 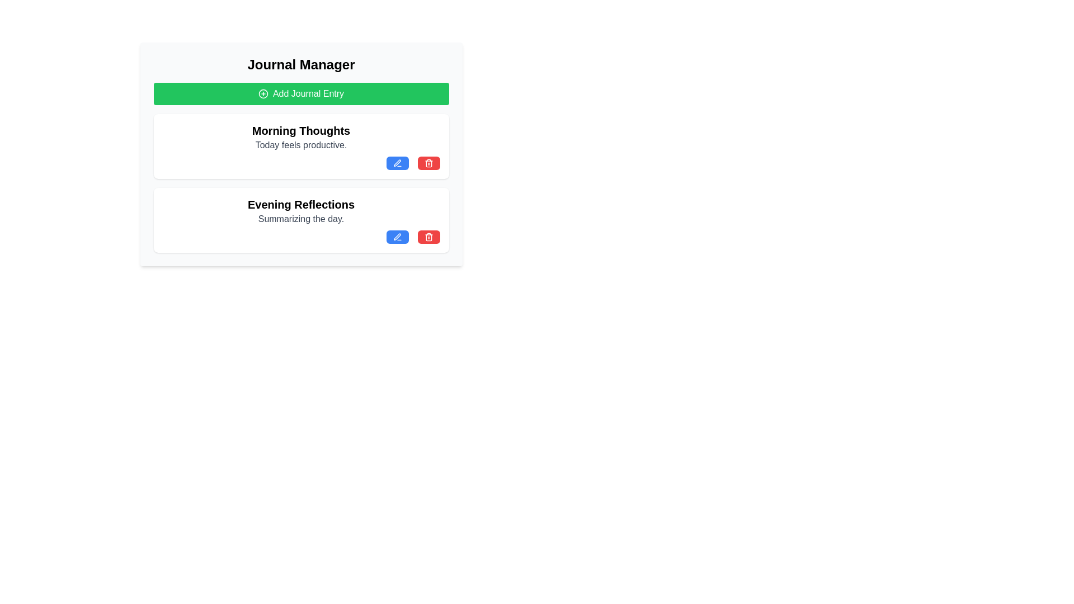 What do you see at coordinates (428, 237) in the screenshot?
I see `the trash bin icon associated with the delete action for 'Evening Reflections'` at bounding box center [428, 237].